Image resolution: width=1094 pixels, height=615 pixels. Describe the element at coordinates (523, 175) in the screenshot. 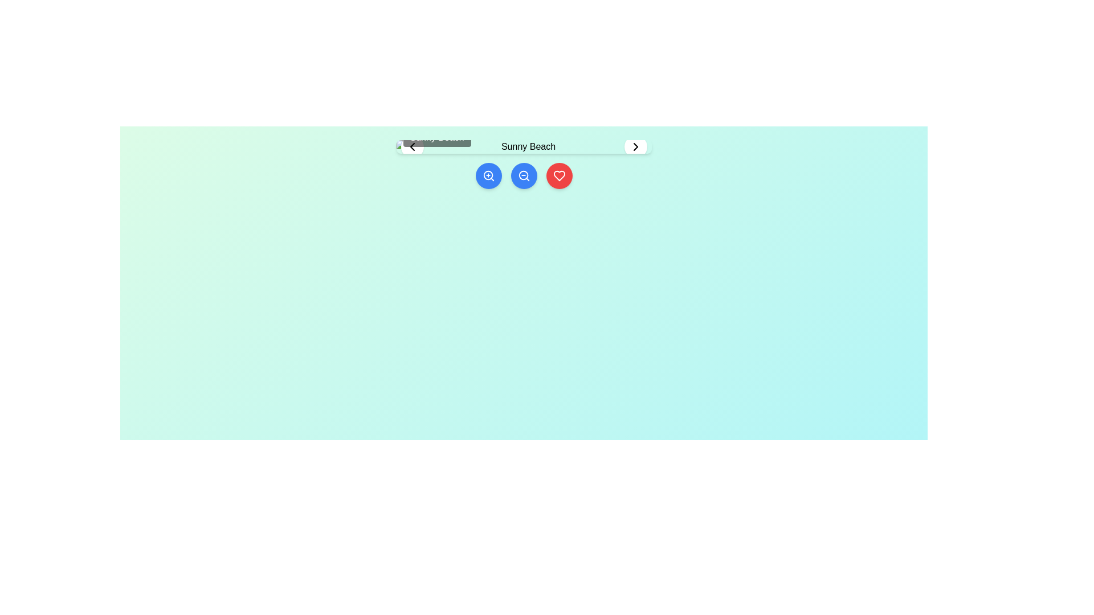

I see `the zoom-out icon button, which is styled as a magnifying glass with a minus sign inside, located between the zoom-in icon and the heart icon` at that location.